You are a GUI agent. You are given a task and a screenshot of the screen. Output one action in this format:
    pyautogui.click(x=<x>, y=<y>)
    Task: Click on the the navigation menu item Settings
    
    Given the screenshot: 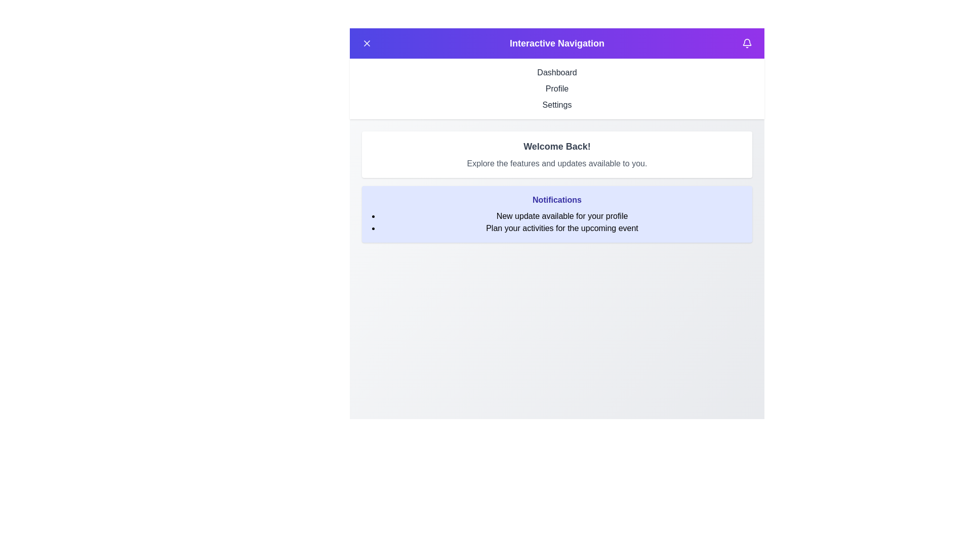 What is the action you would take?
    pyautogui.click(x=556, y=105)
    